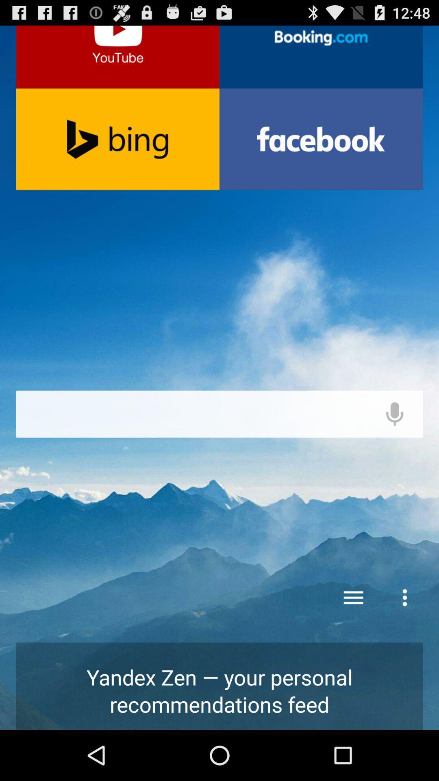 The image size is (439, 781). What do you see at coordinates (353, 627) in the screenshot?
I see `the menu icon` at bounding box center [353, 627].